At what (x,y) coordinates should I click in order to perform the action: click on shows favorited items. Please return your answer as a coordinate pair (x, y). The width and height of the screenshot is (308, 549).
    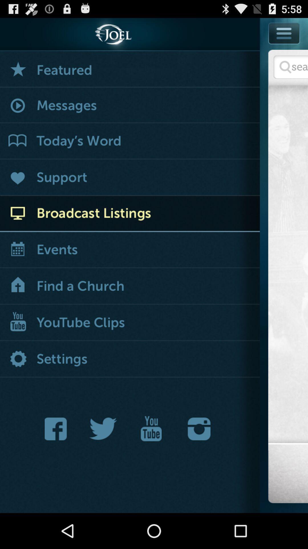
    Looking at the image, I should click on (130, 69).